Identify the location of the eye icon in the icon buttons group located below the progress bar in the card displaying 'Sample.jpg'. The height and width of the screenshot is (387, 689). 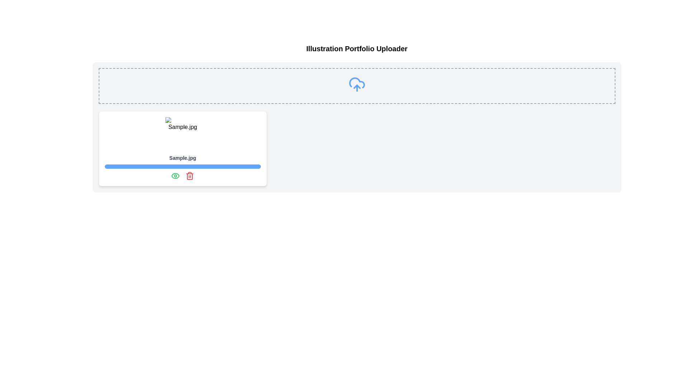
(183, 176).